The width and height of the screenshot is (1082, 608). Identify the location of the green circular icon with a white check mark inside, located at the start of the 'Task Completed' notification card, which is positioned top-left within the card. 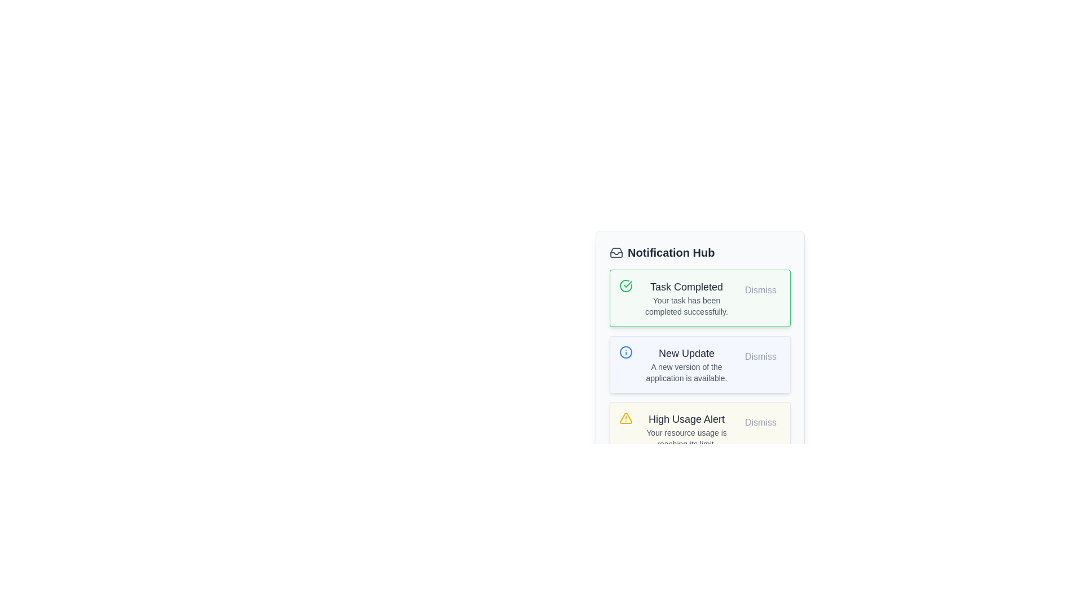
(625, 285).